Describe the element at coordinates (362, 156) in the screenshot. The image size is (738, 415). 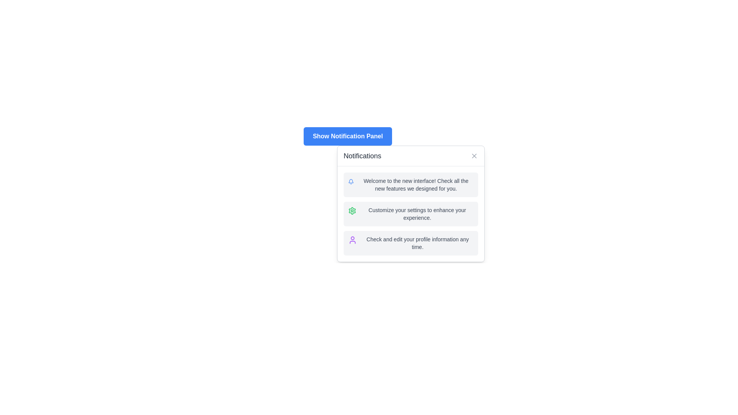
I see `the 'Notifications' text label located at the top-left corner of the notification panel` at that location.